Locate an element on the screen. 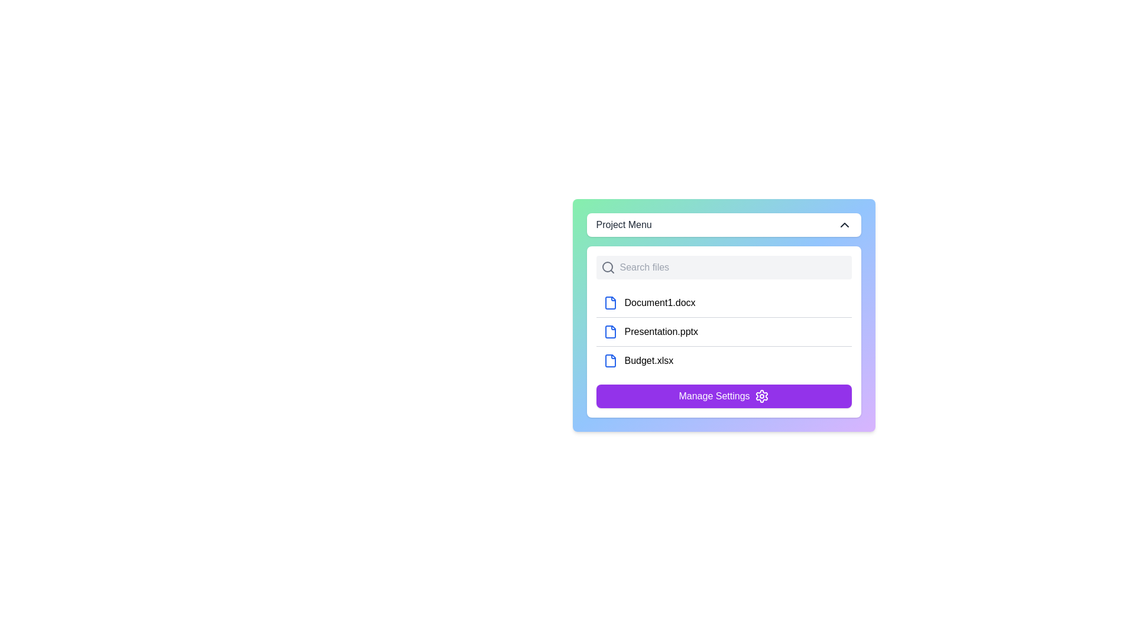 The height and width of the screenshot is (638, 1135). circular SVG element that represents the lens of the search icon located in the top-left corner of the search bar area is located at coordinates (607, 266).